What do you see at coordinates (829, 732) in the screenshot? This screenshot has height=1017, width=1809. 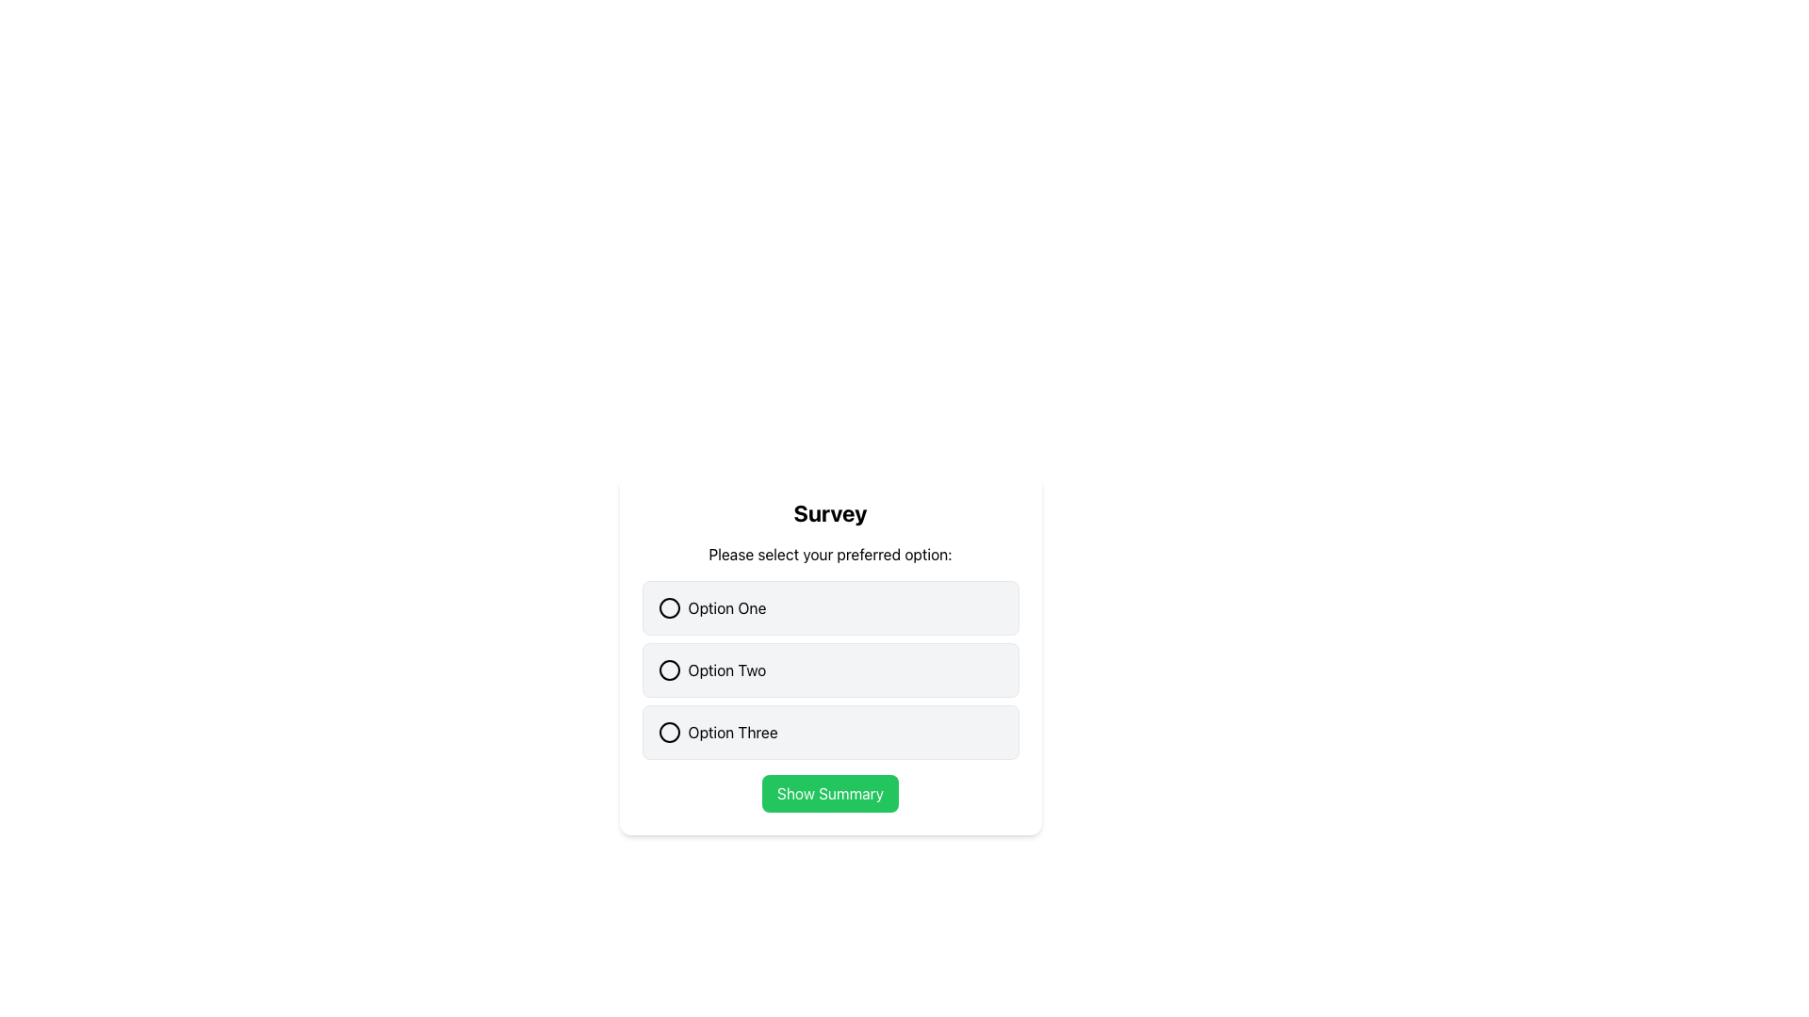 I see `the third selectable option in the radio button group labeled 'Option Three'` at bounding box center [829, 732].